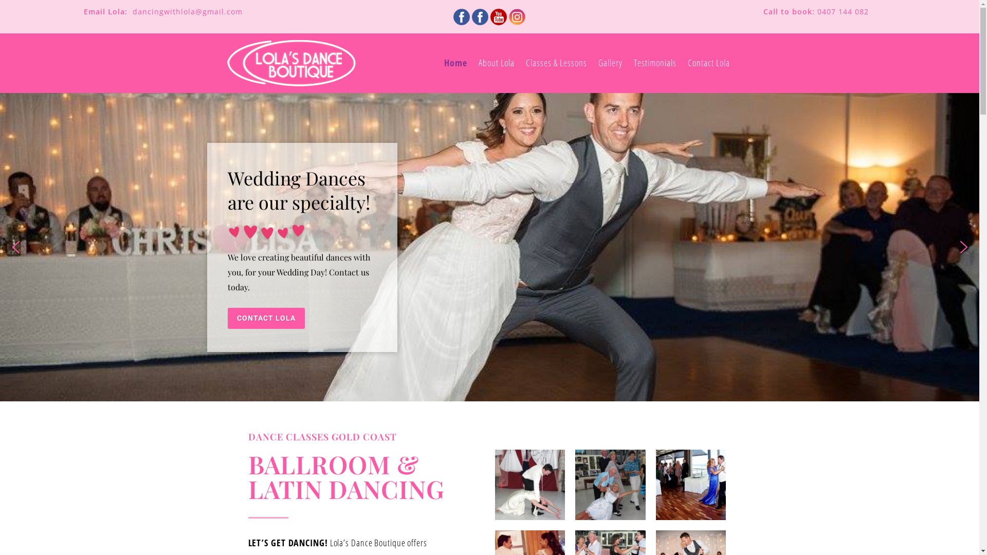 The height and width of the screenshot is (555, 987). Describe the element at coordinates (610, 63) in the screenshot. I see `'Gallery'` at that location.